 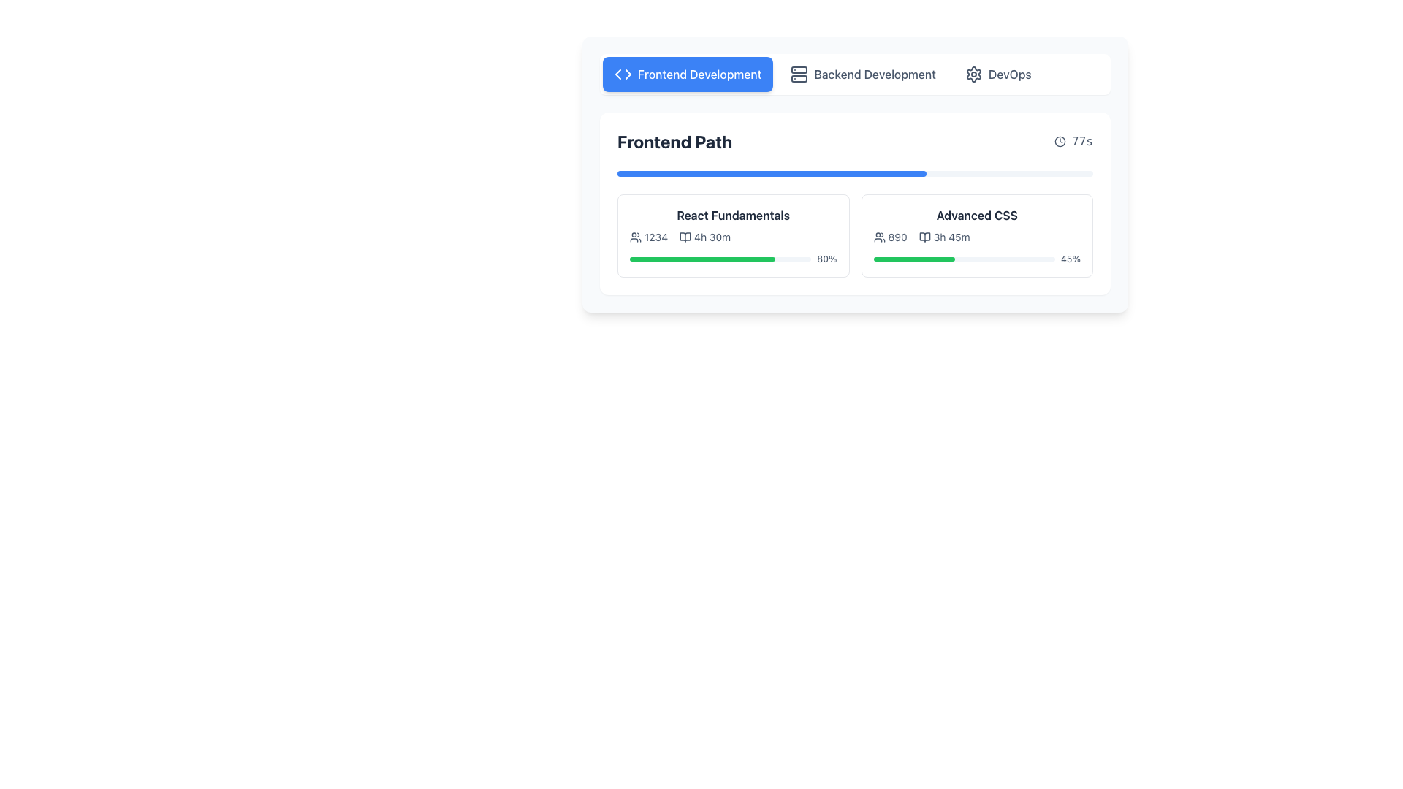 I want to click on the text element that serves as an indicator or counter for participants, located immediately right of a user group icon, so click(x=897, y=236).